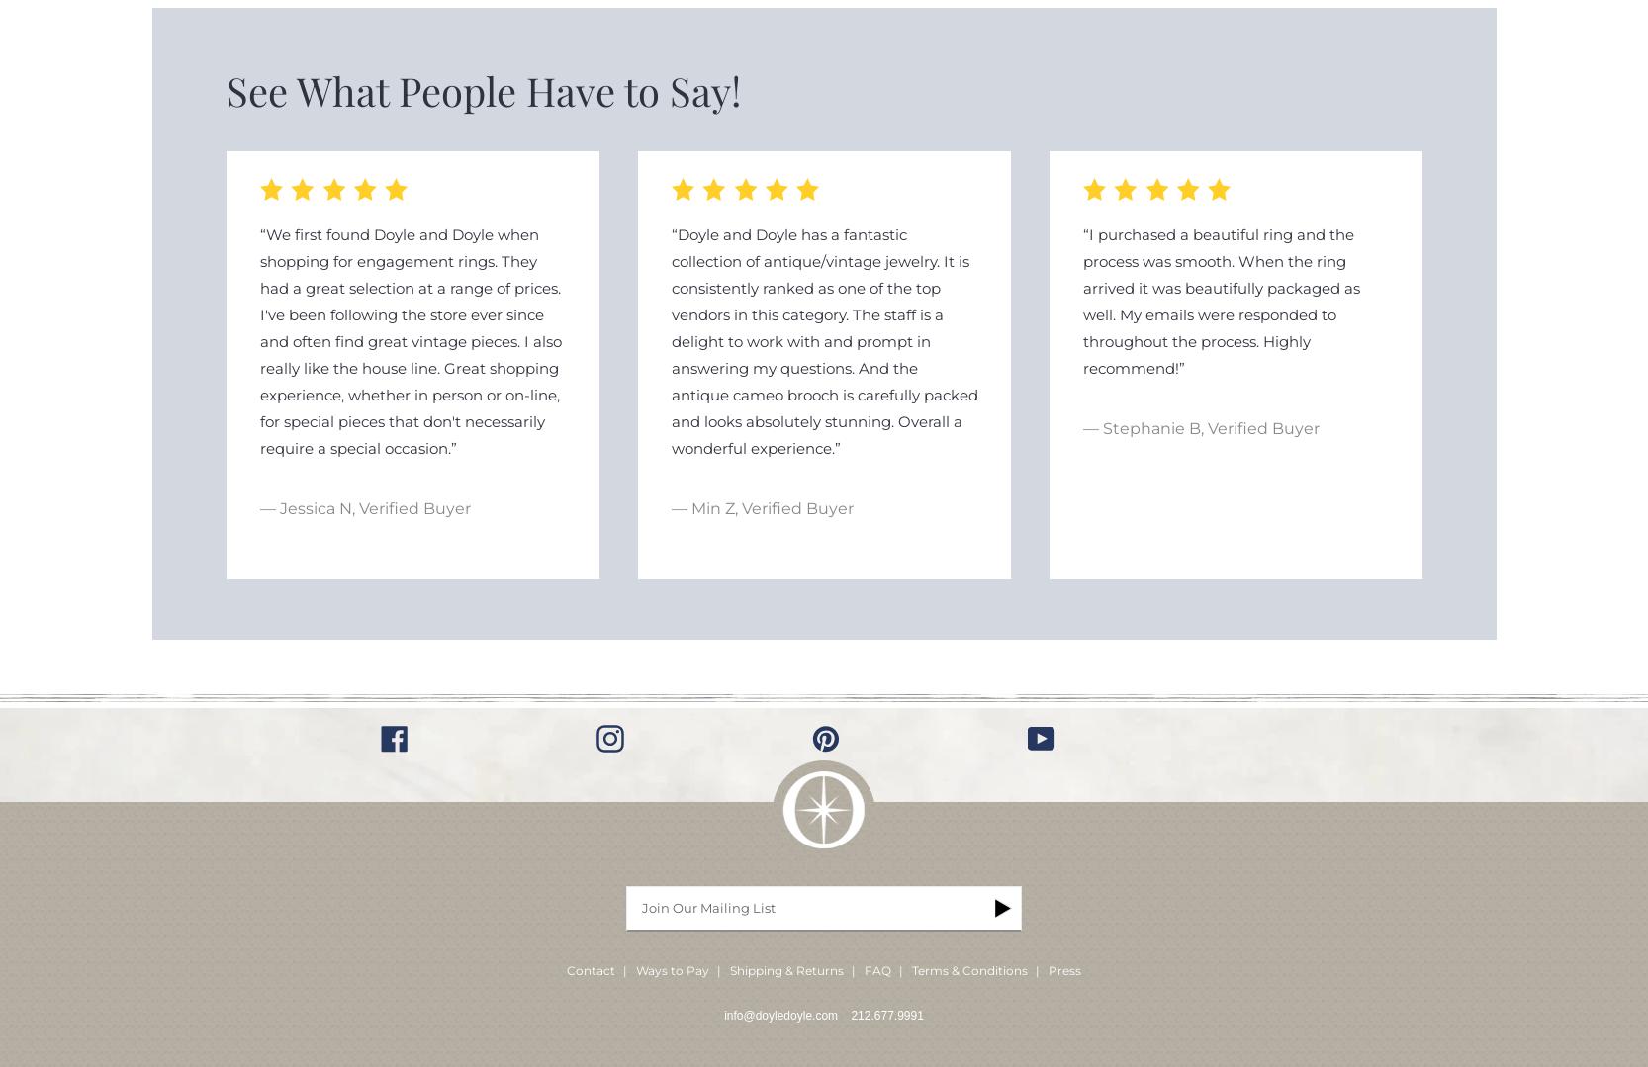 This screenshot has width=1648, height=1067. Describe the element at coordinates (1200, 428) in the screenshot. I see `'— Stephanie B, Verified Buyer'` at that location.